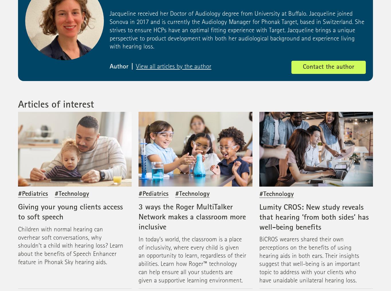 This screenshot has width=391, height=291. Describe the element at coordinates (173, 67) in the screenshot. I see `'View all articles by the author'` at that location.